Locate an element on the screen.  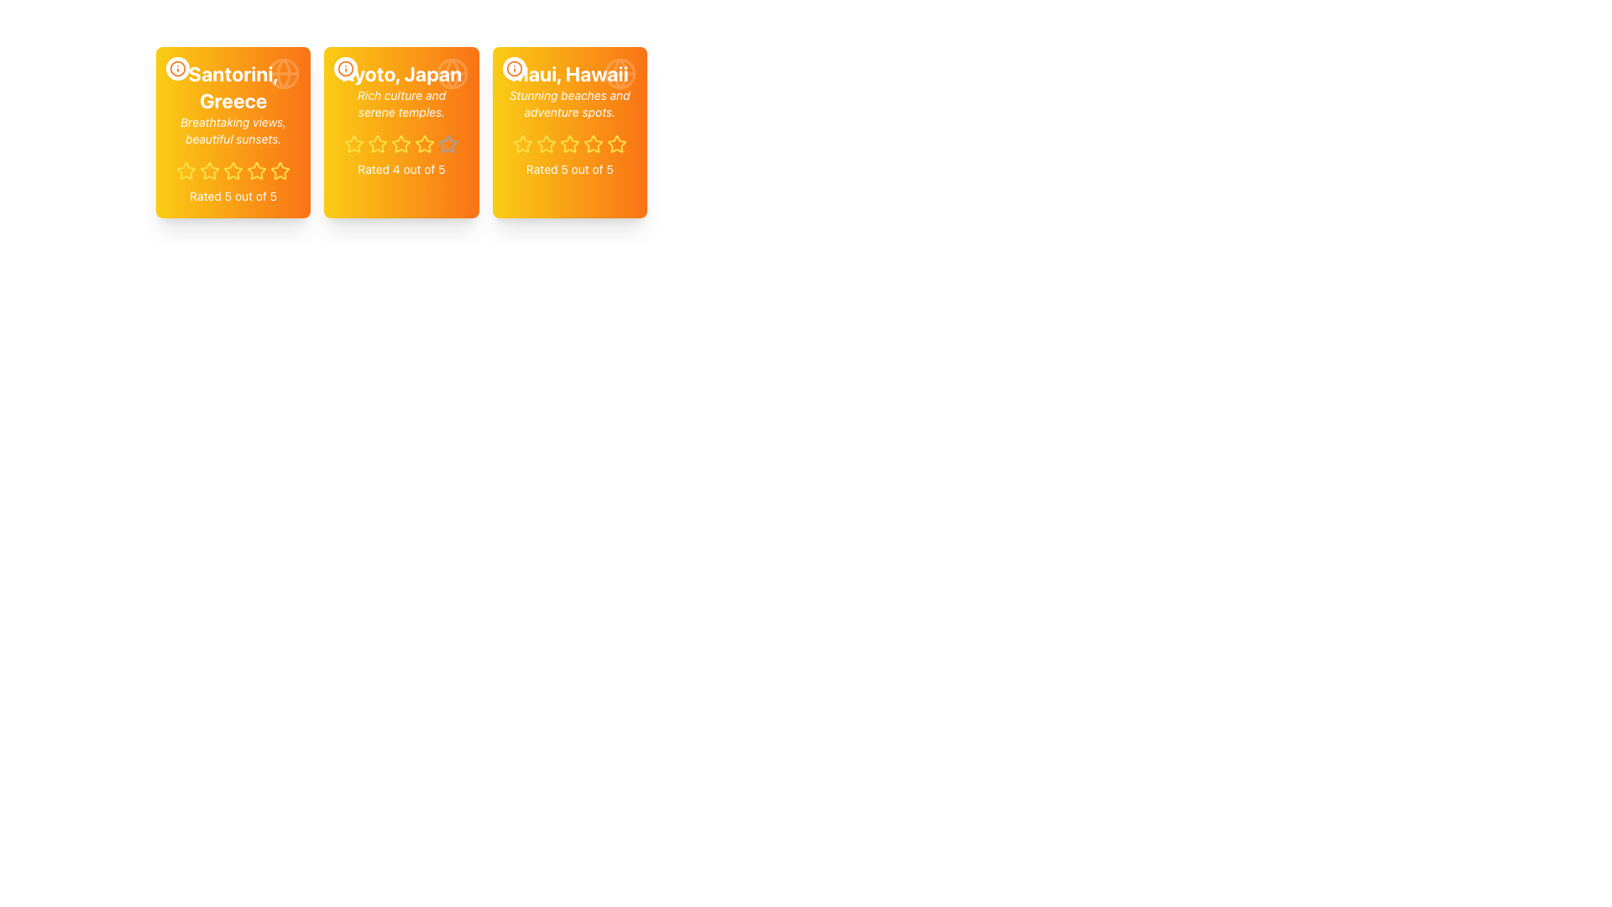
circular visualization element with a white border and orange fill, located at the center of the third card labeled 'Maui, Hawaii' is located at coordinates (513, 67).